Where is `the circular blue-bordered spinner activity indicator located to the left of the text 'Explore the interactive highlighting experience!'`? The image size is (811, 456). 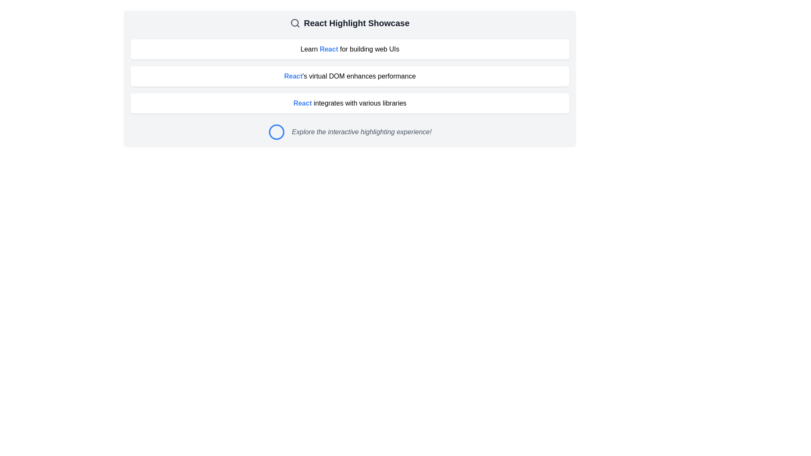 the circular blue-bordered spinner activity indicator located to the left of the text 'Explore the interactive highlighting experience!' is located at coordinates (277, 132).